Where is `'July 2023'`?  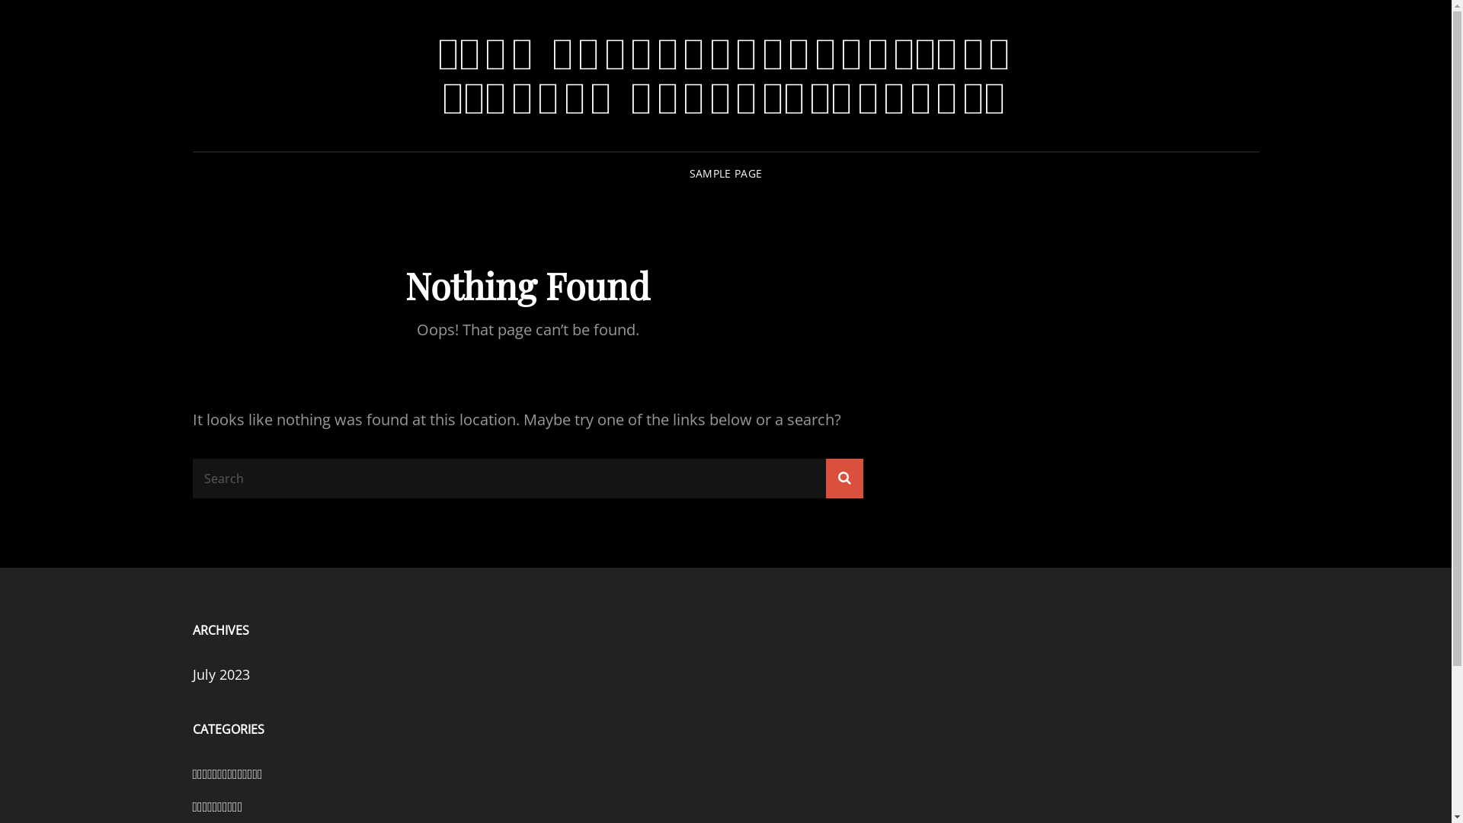
'July 2023' is located at coordinates (219, 673).